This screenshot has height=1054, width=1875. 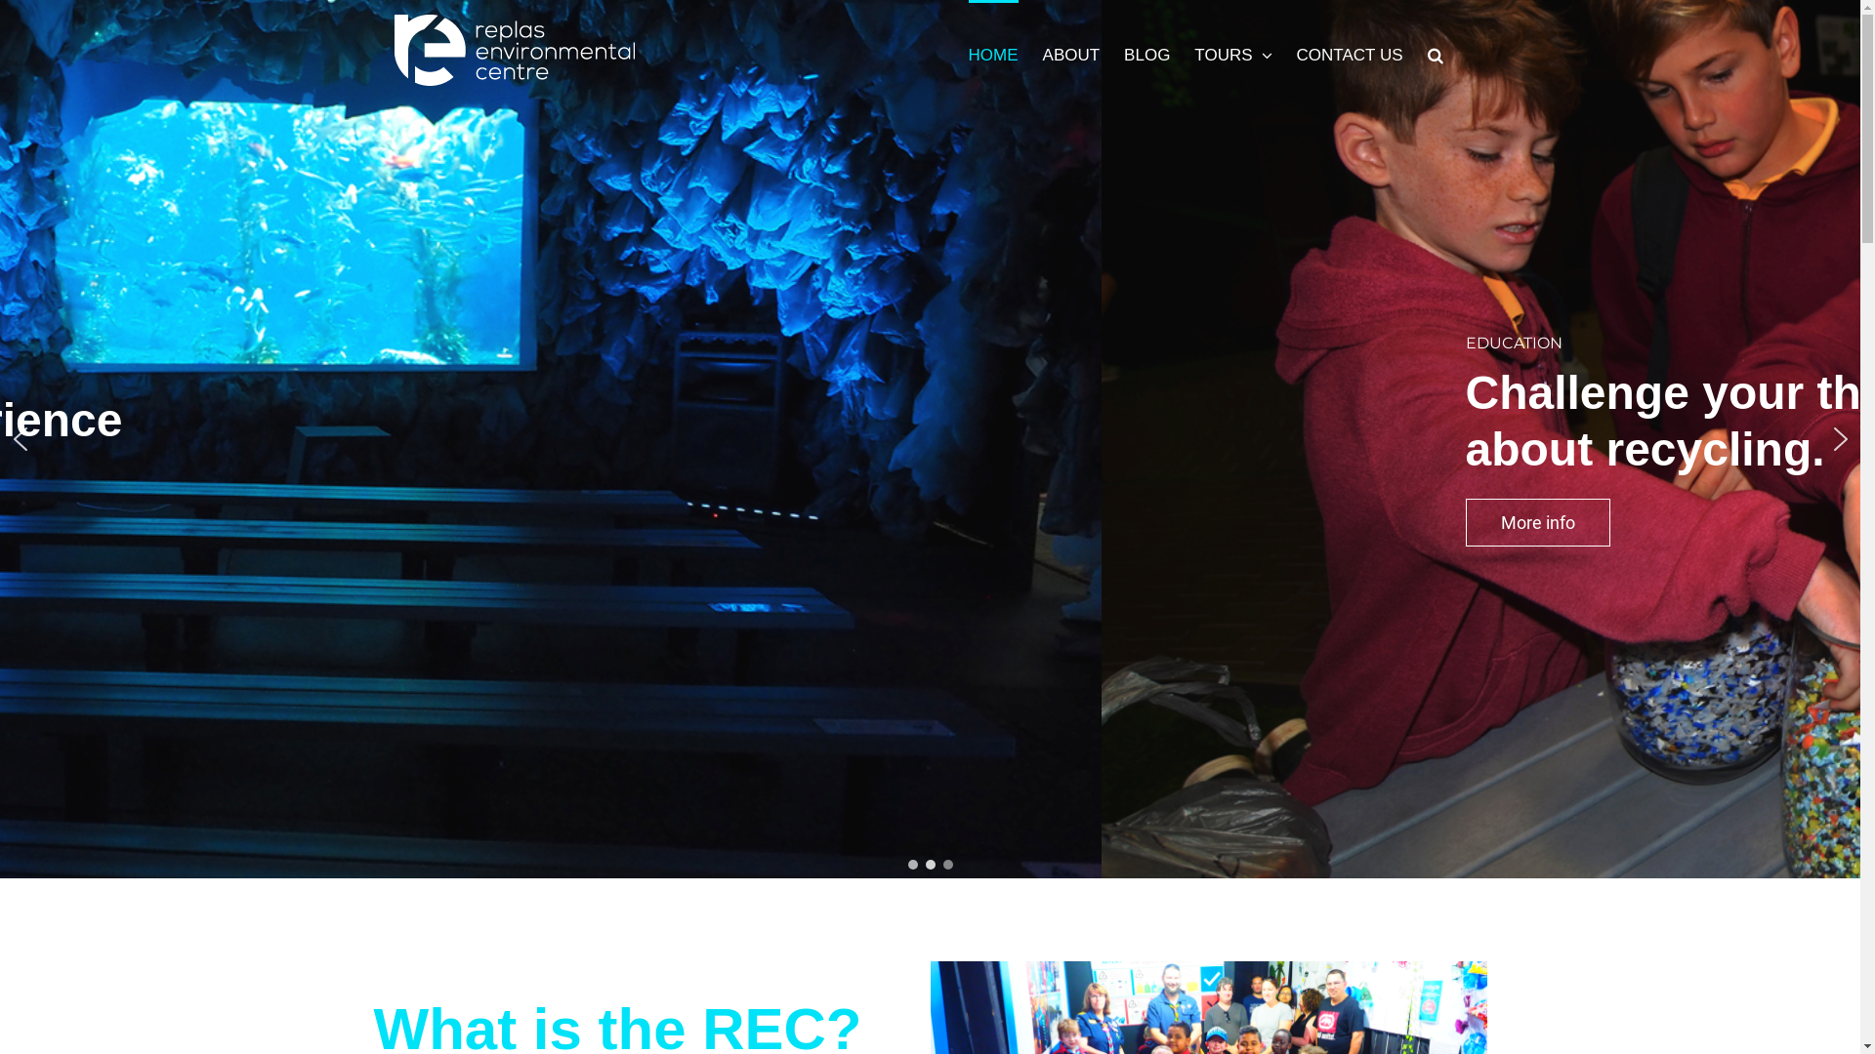 I want to click on 'HOME', so click(x=993, y=52).